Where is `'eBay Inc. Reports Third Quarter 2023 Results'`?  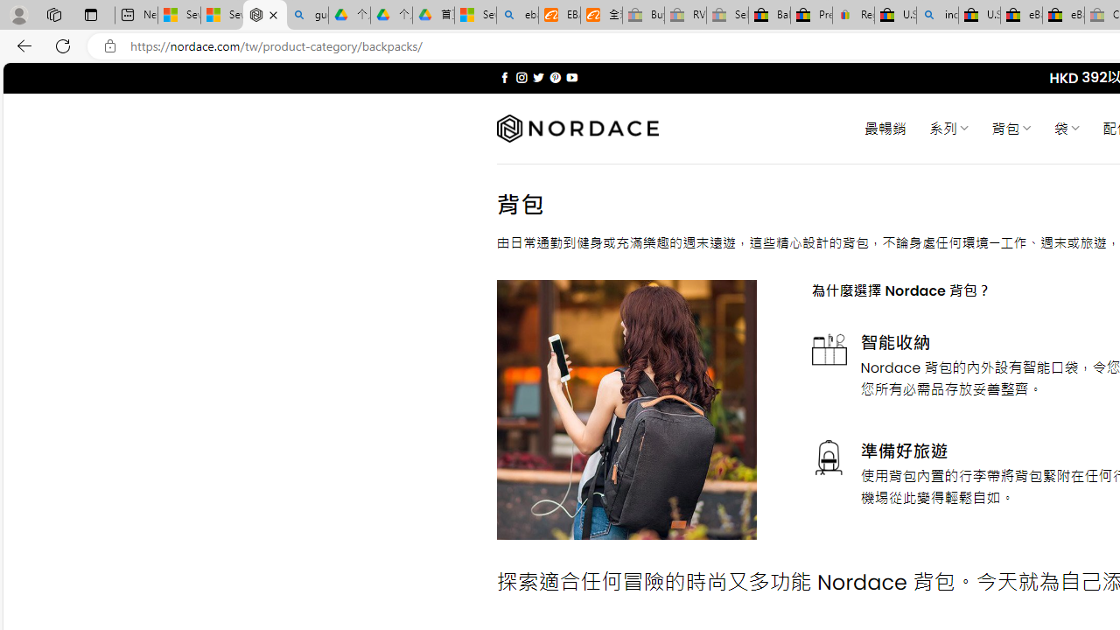
'eBay Inc. Reports Third Quarter 2023 Results' is located at coordinates (1062, 15).